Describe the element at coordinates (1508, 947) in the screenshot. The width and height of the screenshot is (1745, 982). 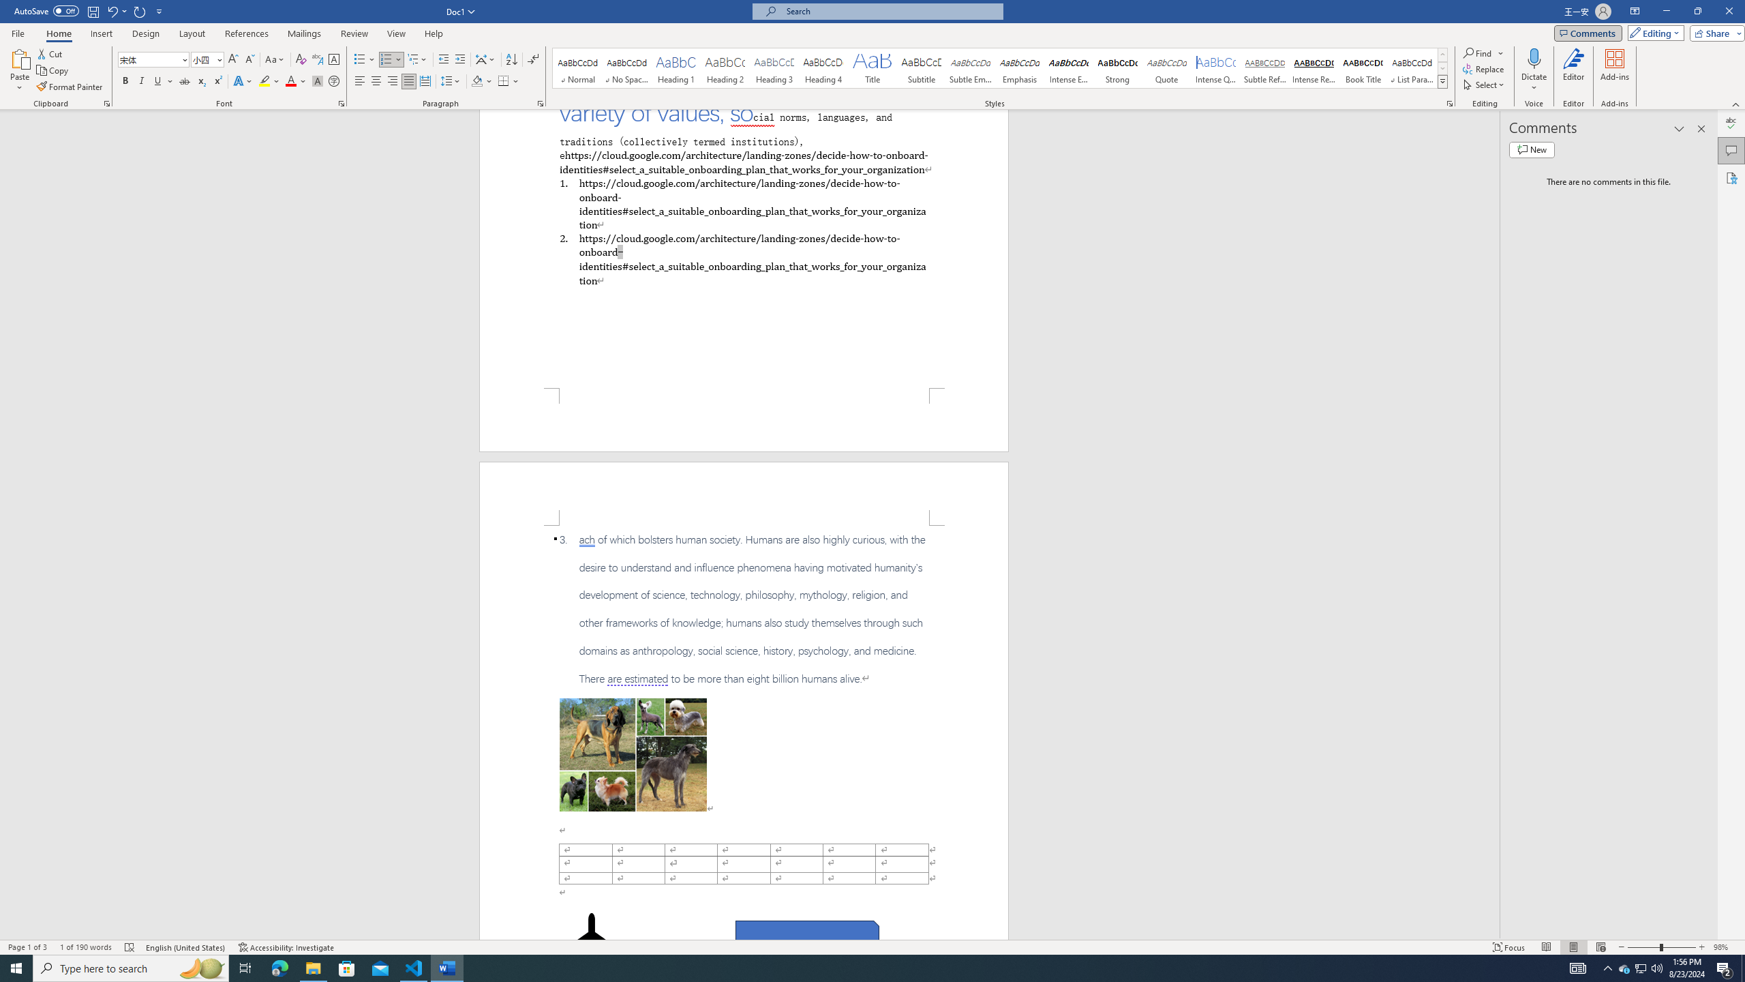
I see `'Focus '` at that location.